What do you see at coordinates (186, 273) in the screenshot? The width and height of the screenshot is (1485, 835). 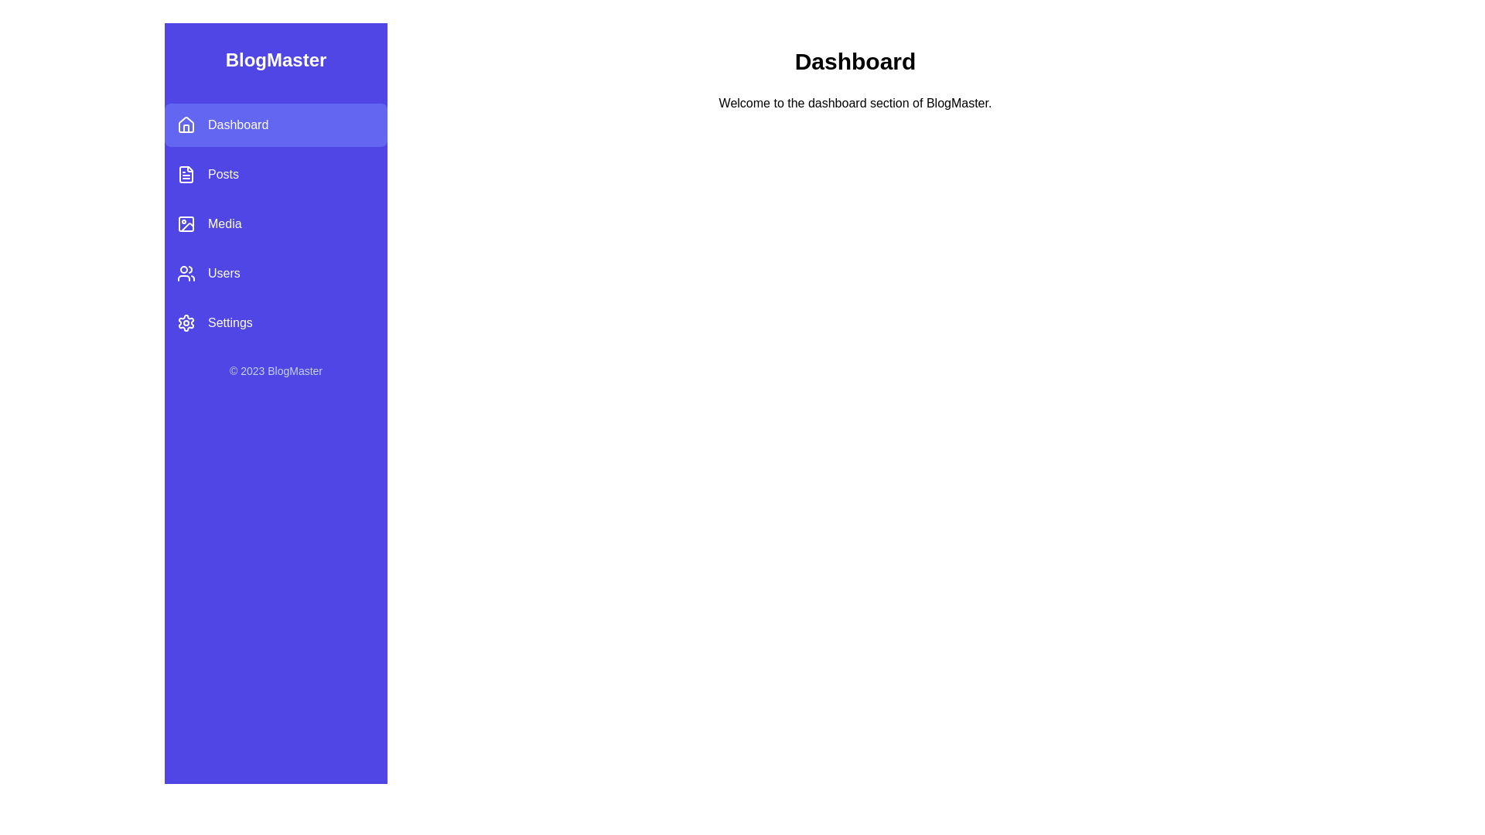 I see `the 'Users' icon in the sidebar menu, which visually represents the 'Users' section and is aligned with other similar menu items` at bounding box center [186, 273].